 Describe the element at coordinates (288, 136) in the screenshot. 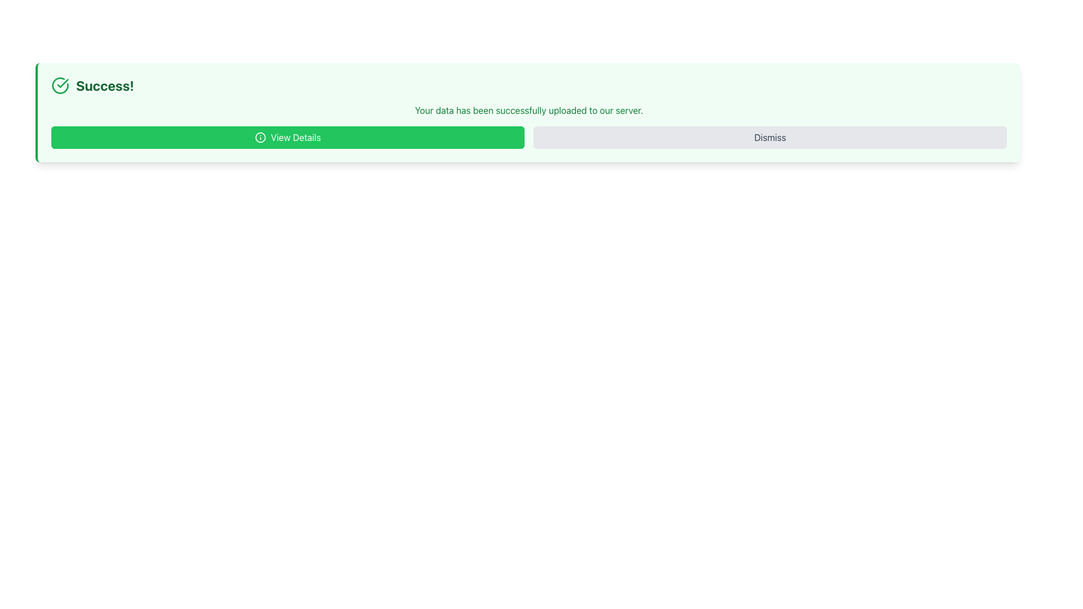

I see `the tooltip of the 'View Details' button, which is the leftmost button in a row of two buttons, positioned to the left of the 'Dismiss' button` at that location.